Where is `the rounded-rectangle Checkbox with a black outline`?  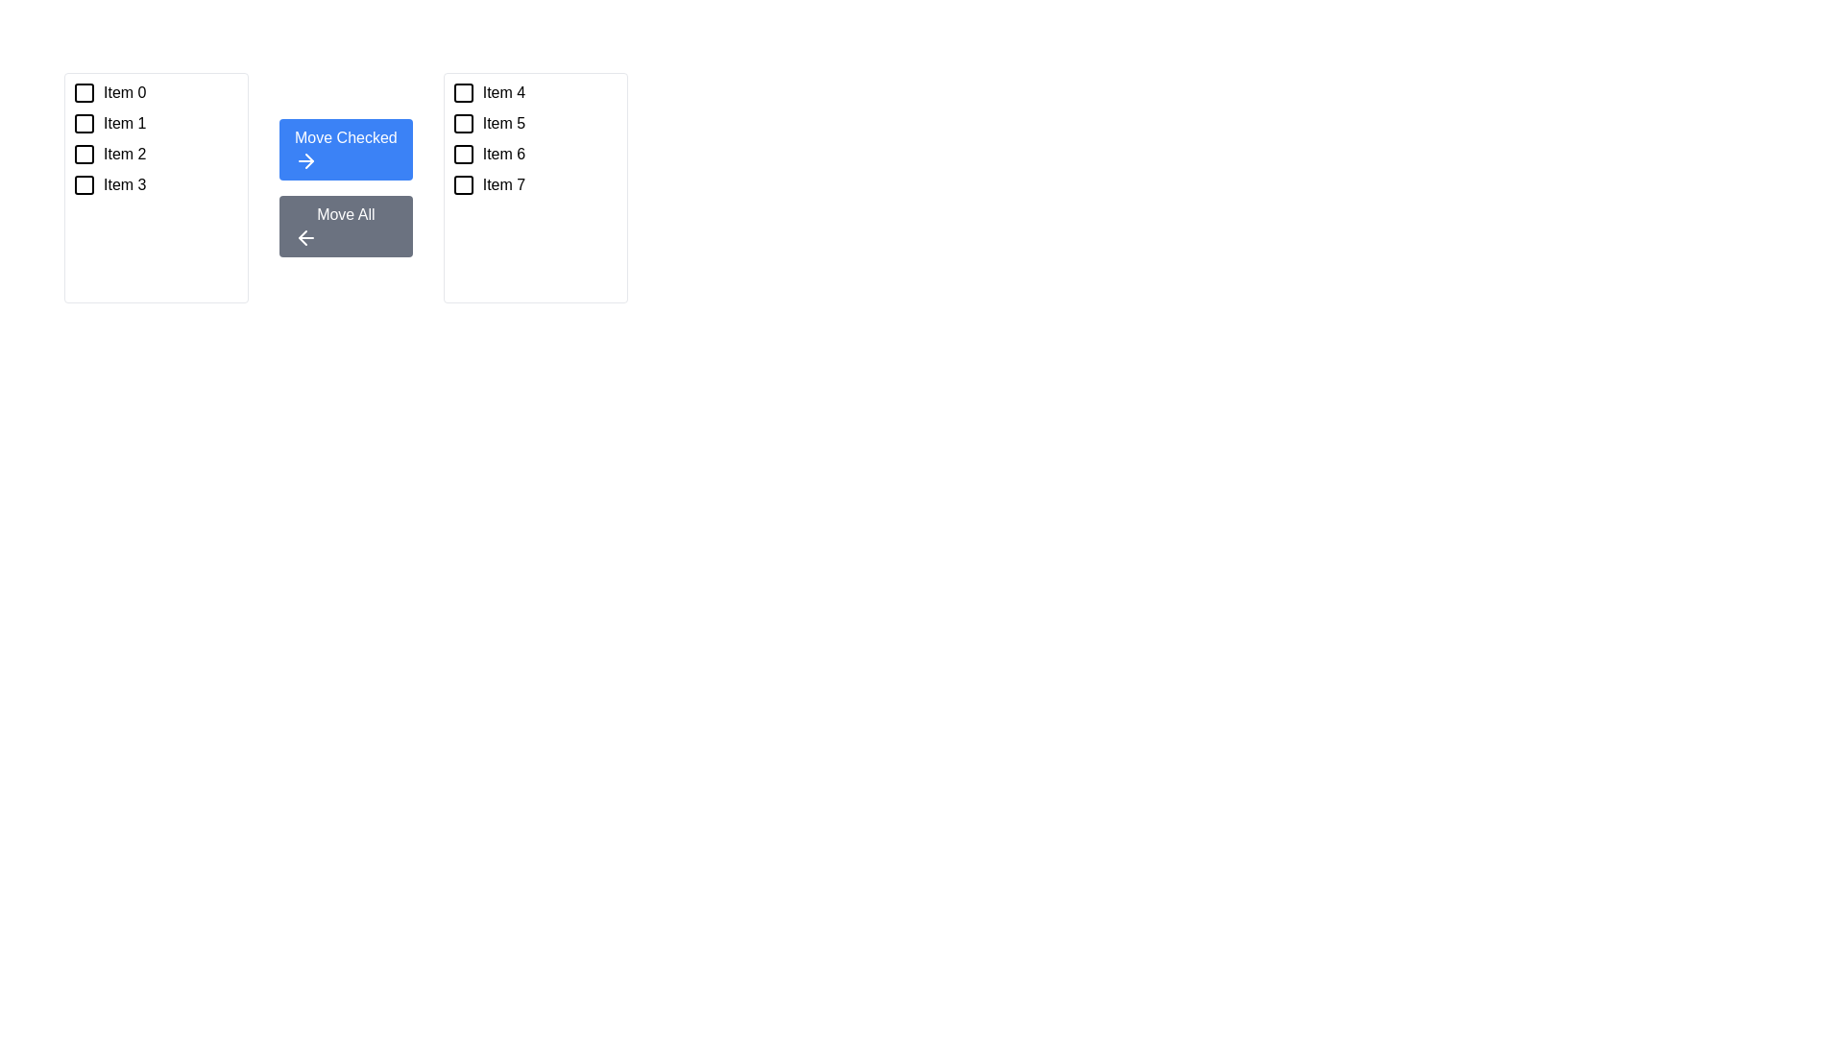
the rounded-rectangle Checkbox with a black outline is located at coordinates (463, 92).